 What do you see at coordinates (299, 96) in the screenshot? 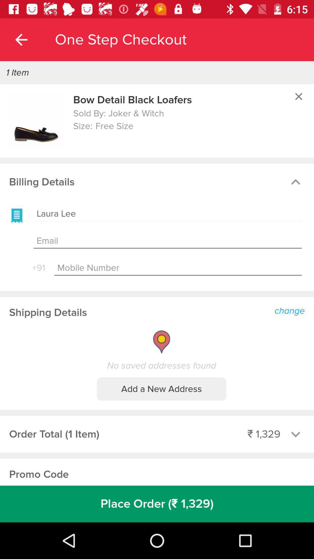
I see `window` at bounding box center [299, 96].